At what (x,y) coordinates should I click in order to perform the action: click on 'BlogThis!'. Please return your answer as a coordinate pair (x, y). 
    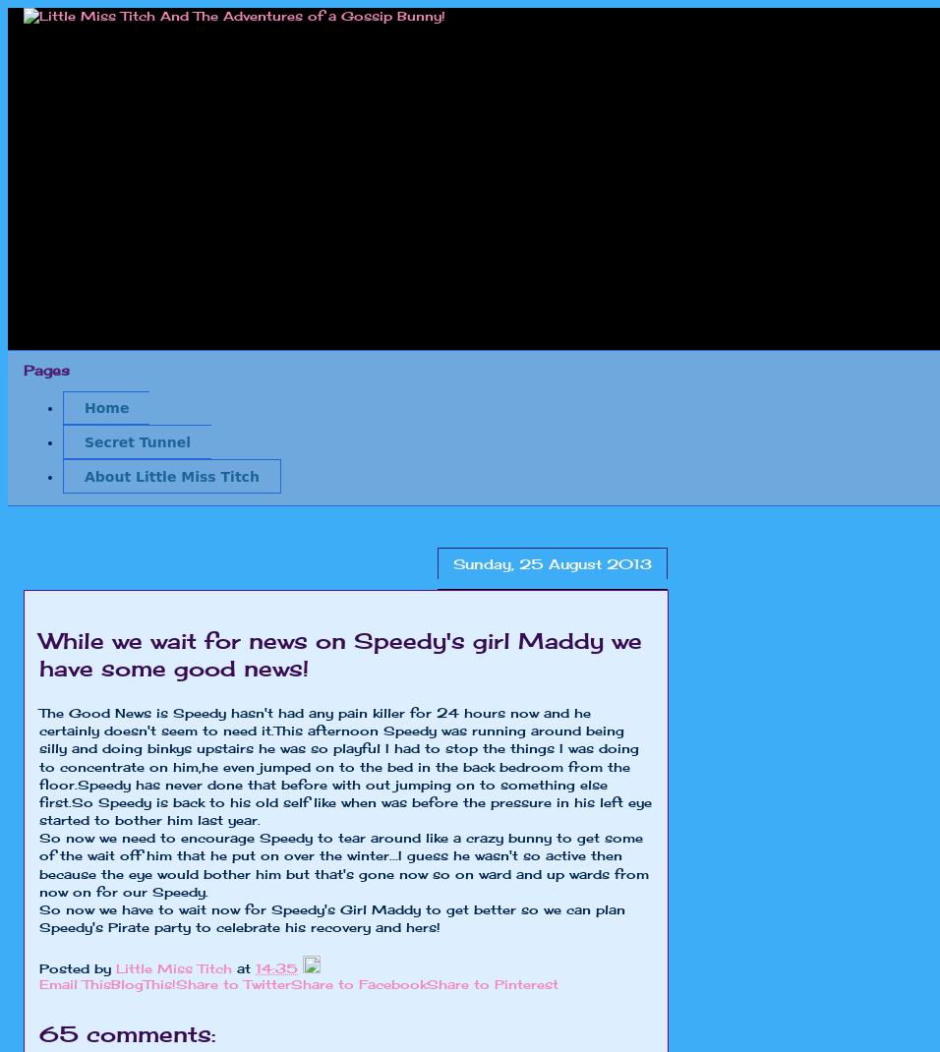
    Looking at the image, I should click on (143, 983).